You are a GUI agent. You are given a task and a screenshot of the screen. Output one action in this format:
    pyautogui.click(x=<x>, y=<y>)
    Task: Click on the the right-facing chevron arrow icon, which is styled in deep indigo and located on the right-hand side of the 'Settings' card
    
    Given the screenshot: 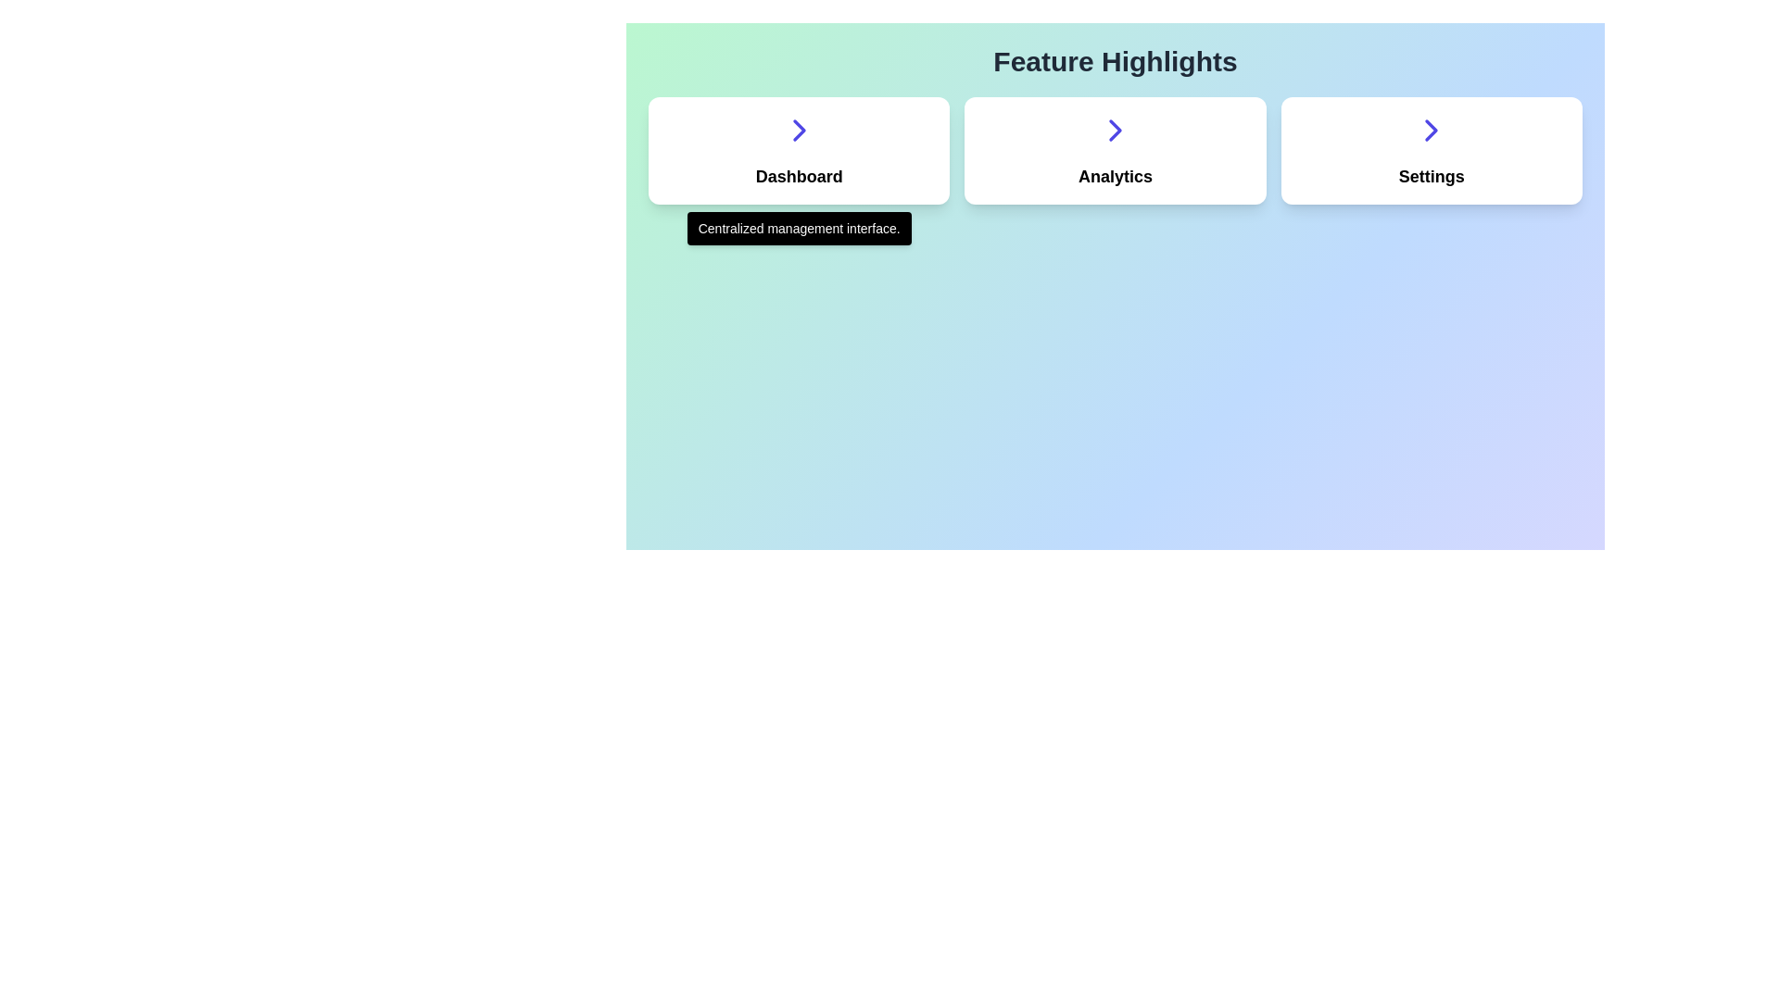 What is the action you would take?
    pyautogui.click(x=1431, y=130)
    